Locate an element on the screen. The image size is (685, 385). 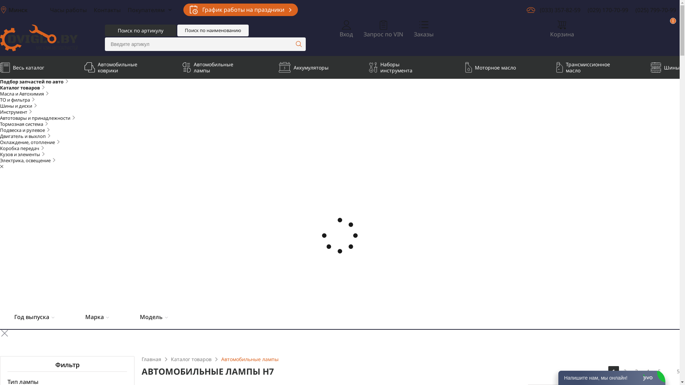
'(025) 799-70-99' is located at coordinates (632, 10).